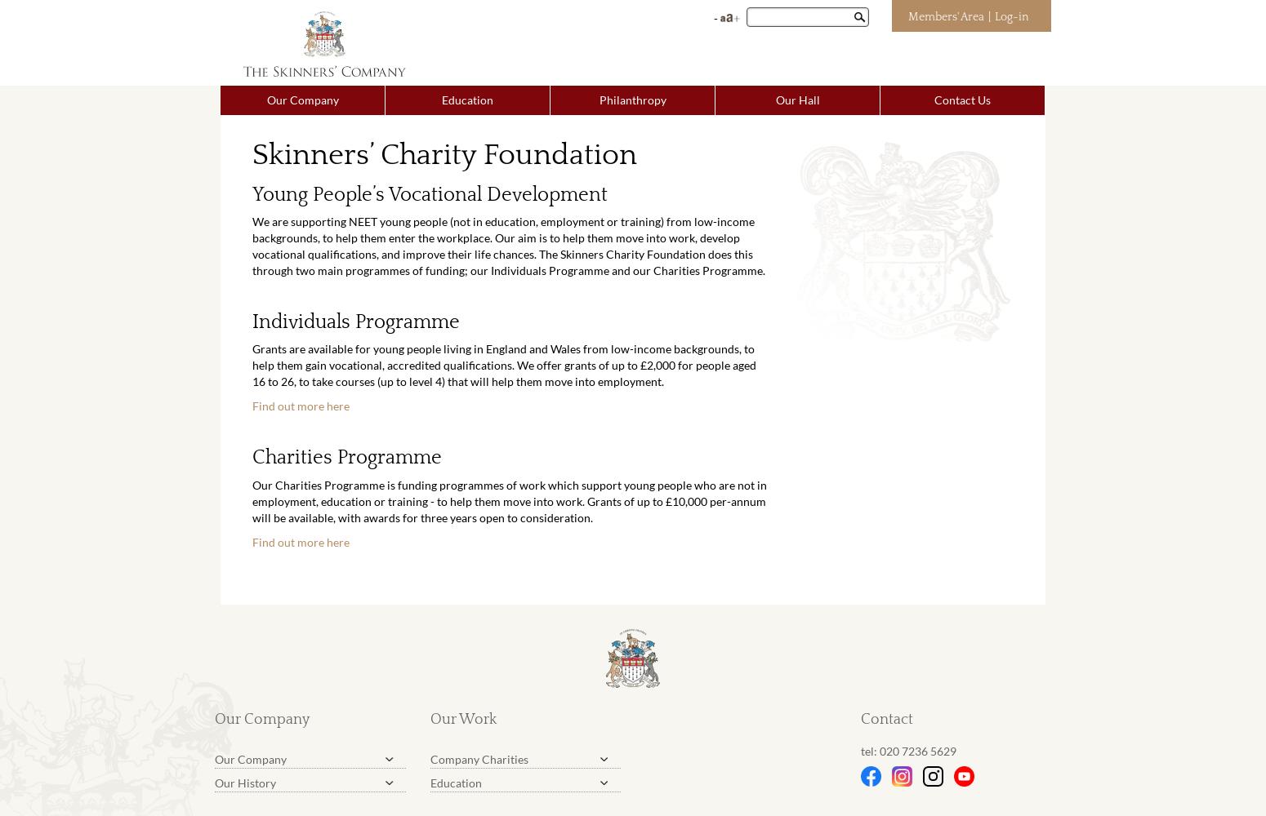  What do you see at coordinates (356, 322) in the screenshot?
I see `'Individuals Programme'` at bounding box center [356, 322].